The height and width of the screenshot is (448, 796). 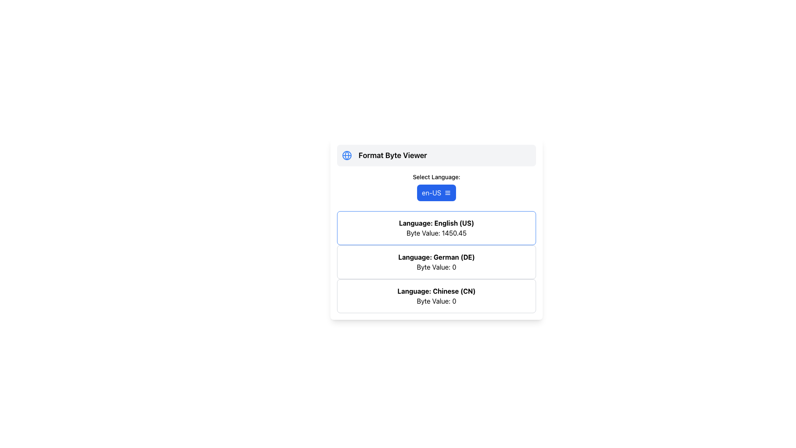 What do you see at coordinates (436, 262) in the screenshot?
I see `the Informational display block that shows details about the German language (DE) with a byte value of 0, positioned between the English (US) and Chinese (CN) language sections` at bounding box center [436, 262].